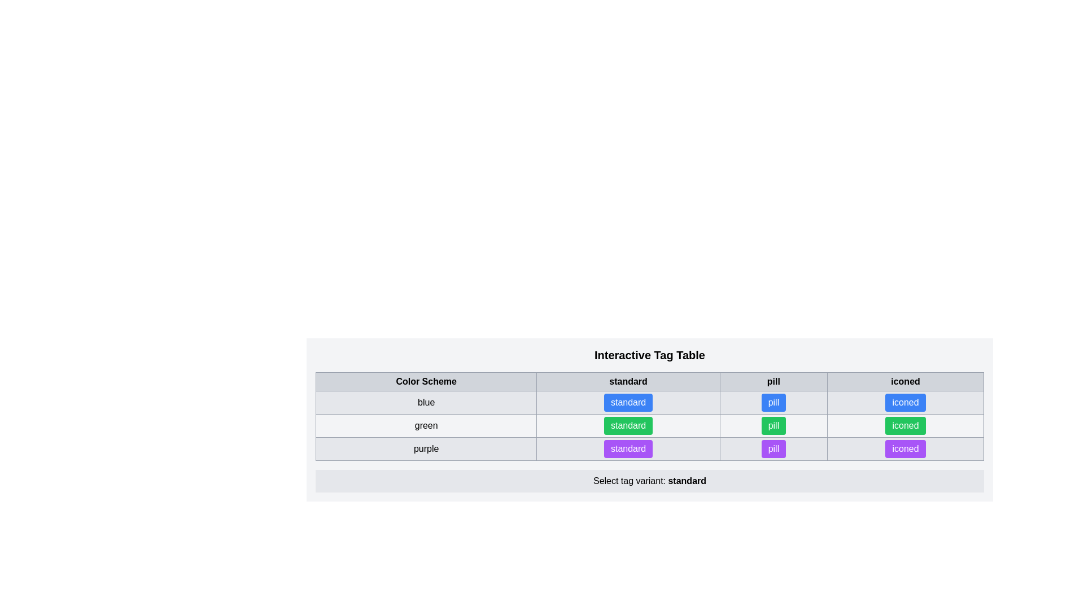 This screenshot has width=1084, height=610. What do you see at coordinates (426, 448) in the screenshot?
I see `the text label displaying 'purple' with black text on a light gray background, located at the beginning of the 'Color Scheme' column in the table` at bounding box center [426, 448].